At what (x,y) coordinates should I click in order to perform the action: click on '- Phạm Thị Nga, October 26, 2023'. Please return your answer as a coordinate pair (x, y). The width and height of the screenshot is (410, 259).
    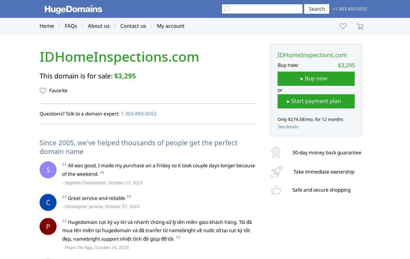
    Looking at the image, I should click on (62, 247).